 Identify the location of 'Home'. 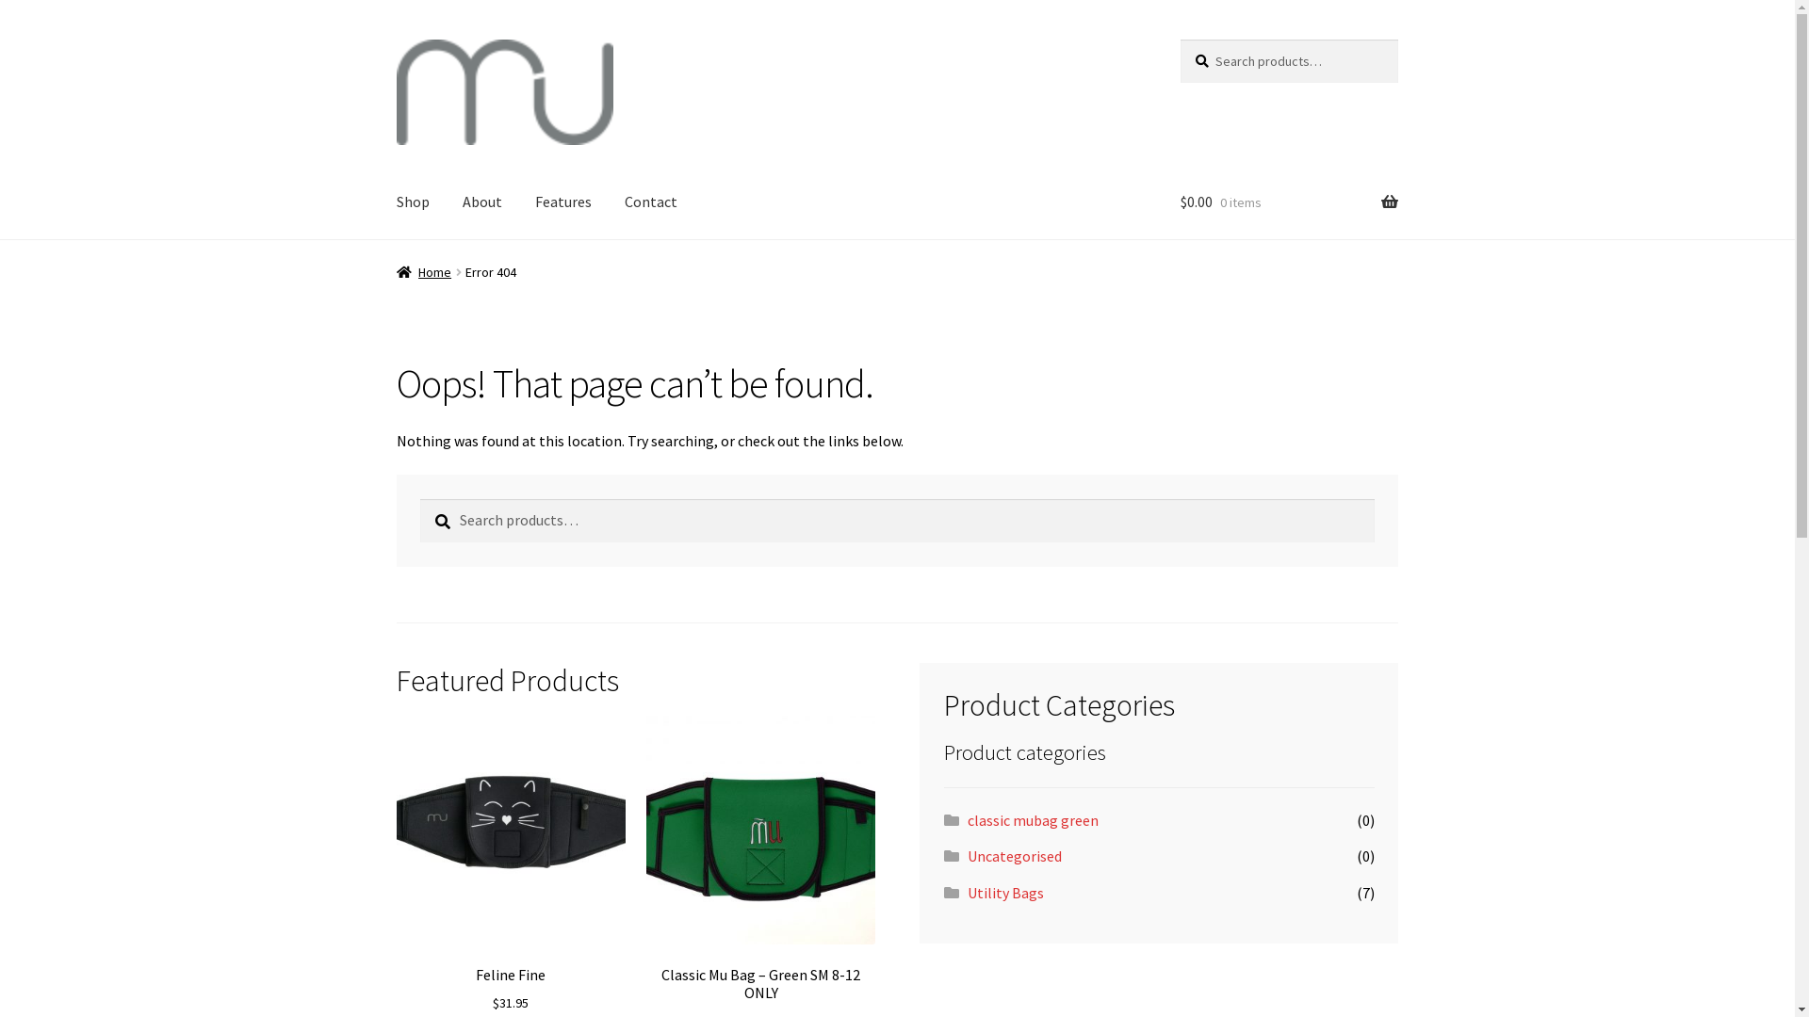
(423, 272).